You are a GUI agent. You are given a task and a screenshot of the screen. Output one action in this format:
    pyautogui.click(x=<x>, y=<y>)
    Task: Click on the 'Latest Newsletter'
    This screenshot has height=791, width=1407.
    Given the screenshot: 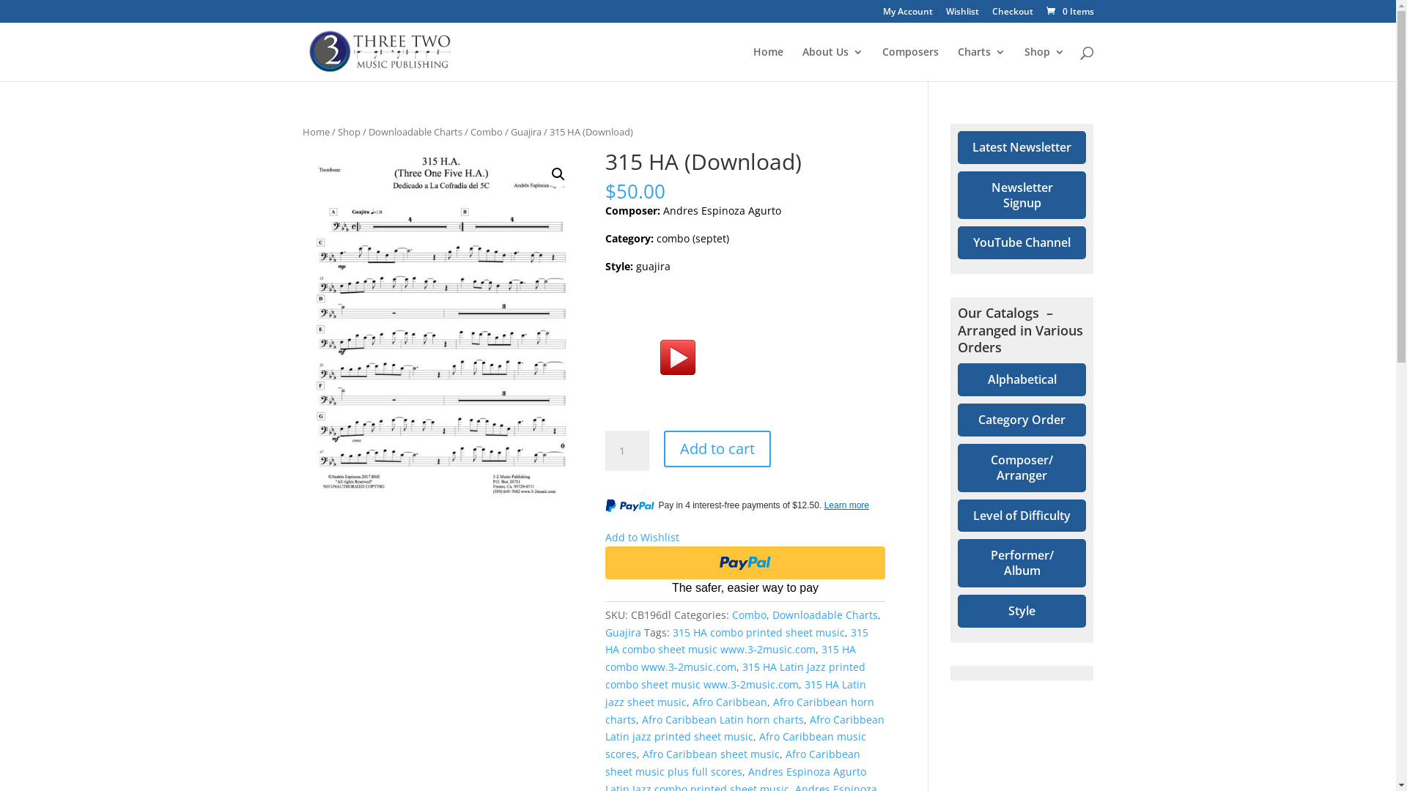 What is the action you would take?
    pyautogui.click(x=1021, y=147)
    